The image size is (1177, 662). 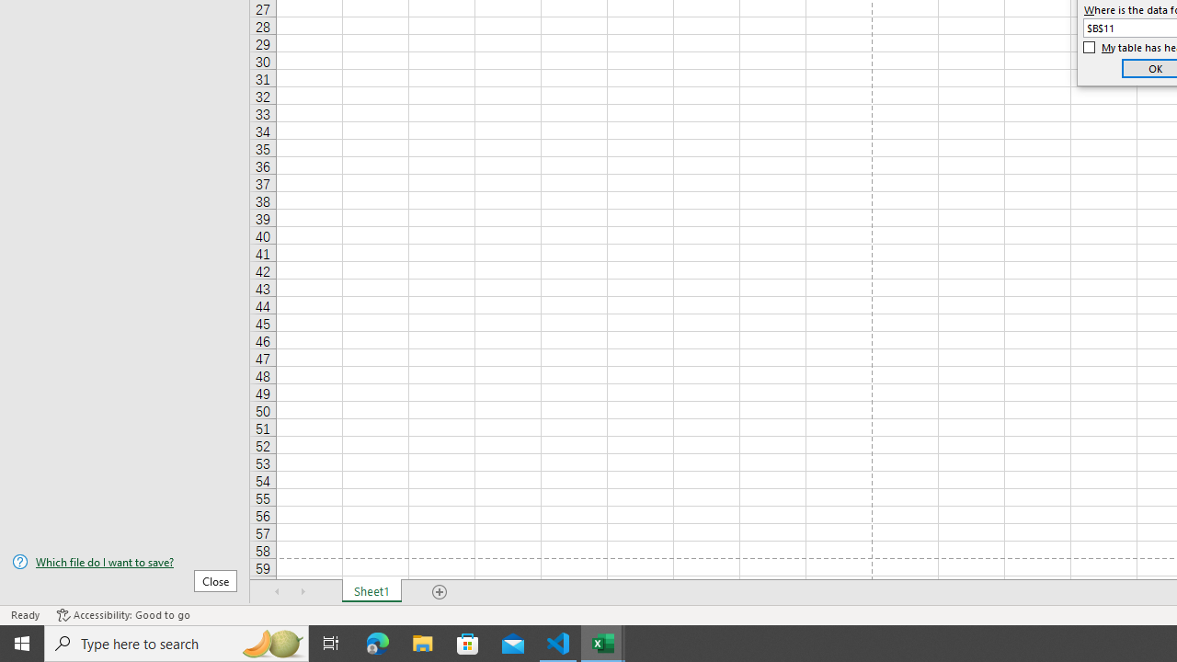 What do you see at coordinates (371, 592) in the screenshot?
I see `'Sheet1'` at bounding box center [371, 592].